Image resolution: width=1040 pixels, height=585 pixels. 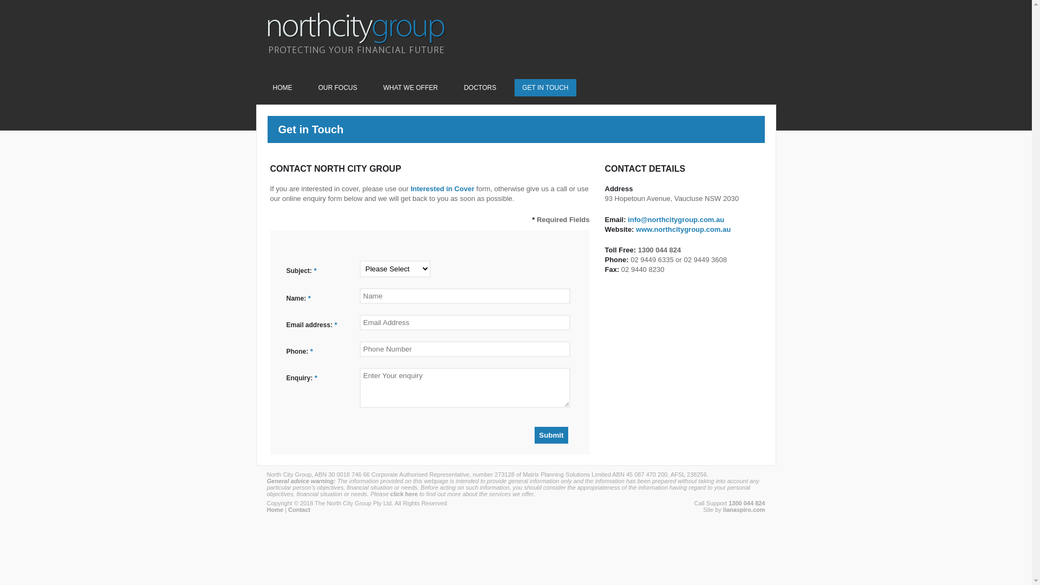 I want to click on 'WHAT WE OFFER', so click(x=410, y=87).